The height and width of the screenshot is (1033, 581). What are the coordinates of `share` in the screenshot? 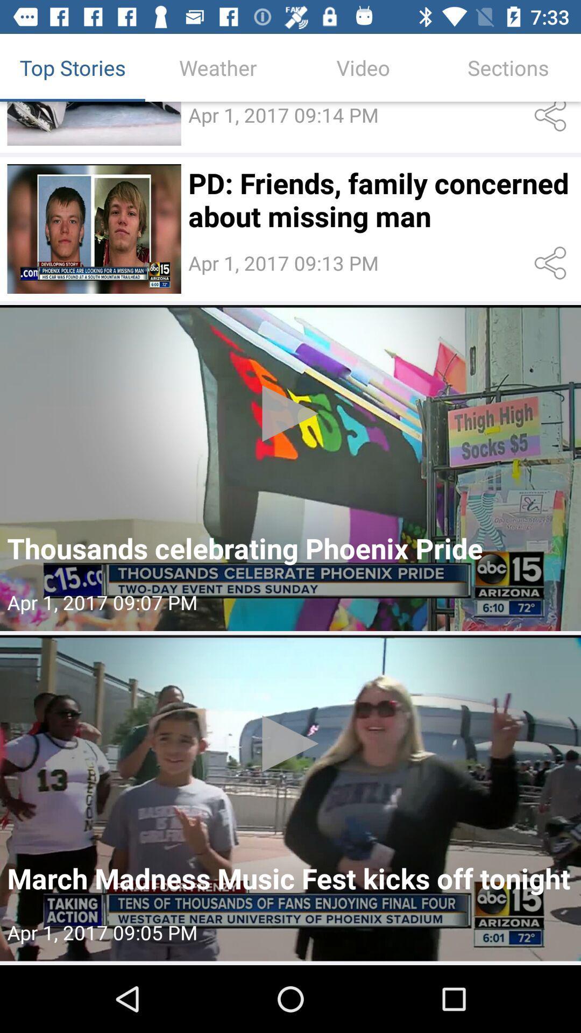 It's located at (552, 263).